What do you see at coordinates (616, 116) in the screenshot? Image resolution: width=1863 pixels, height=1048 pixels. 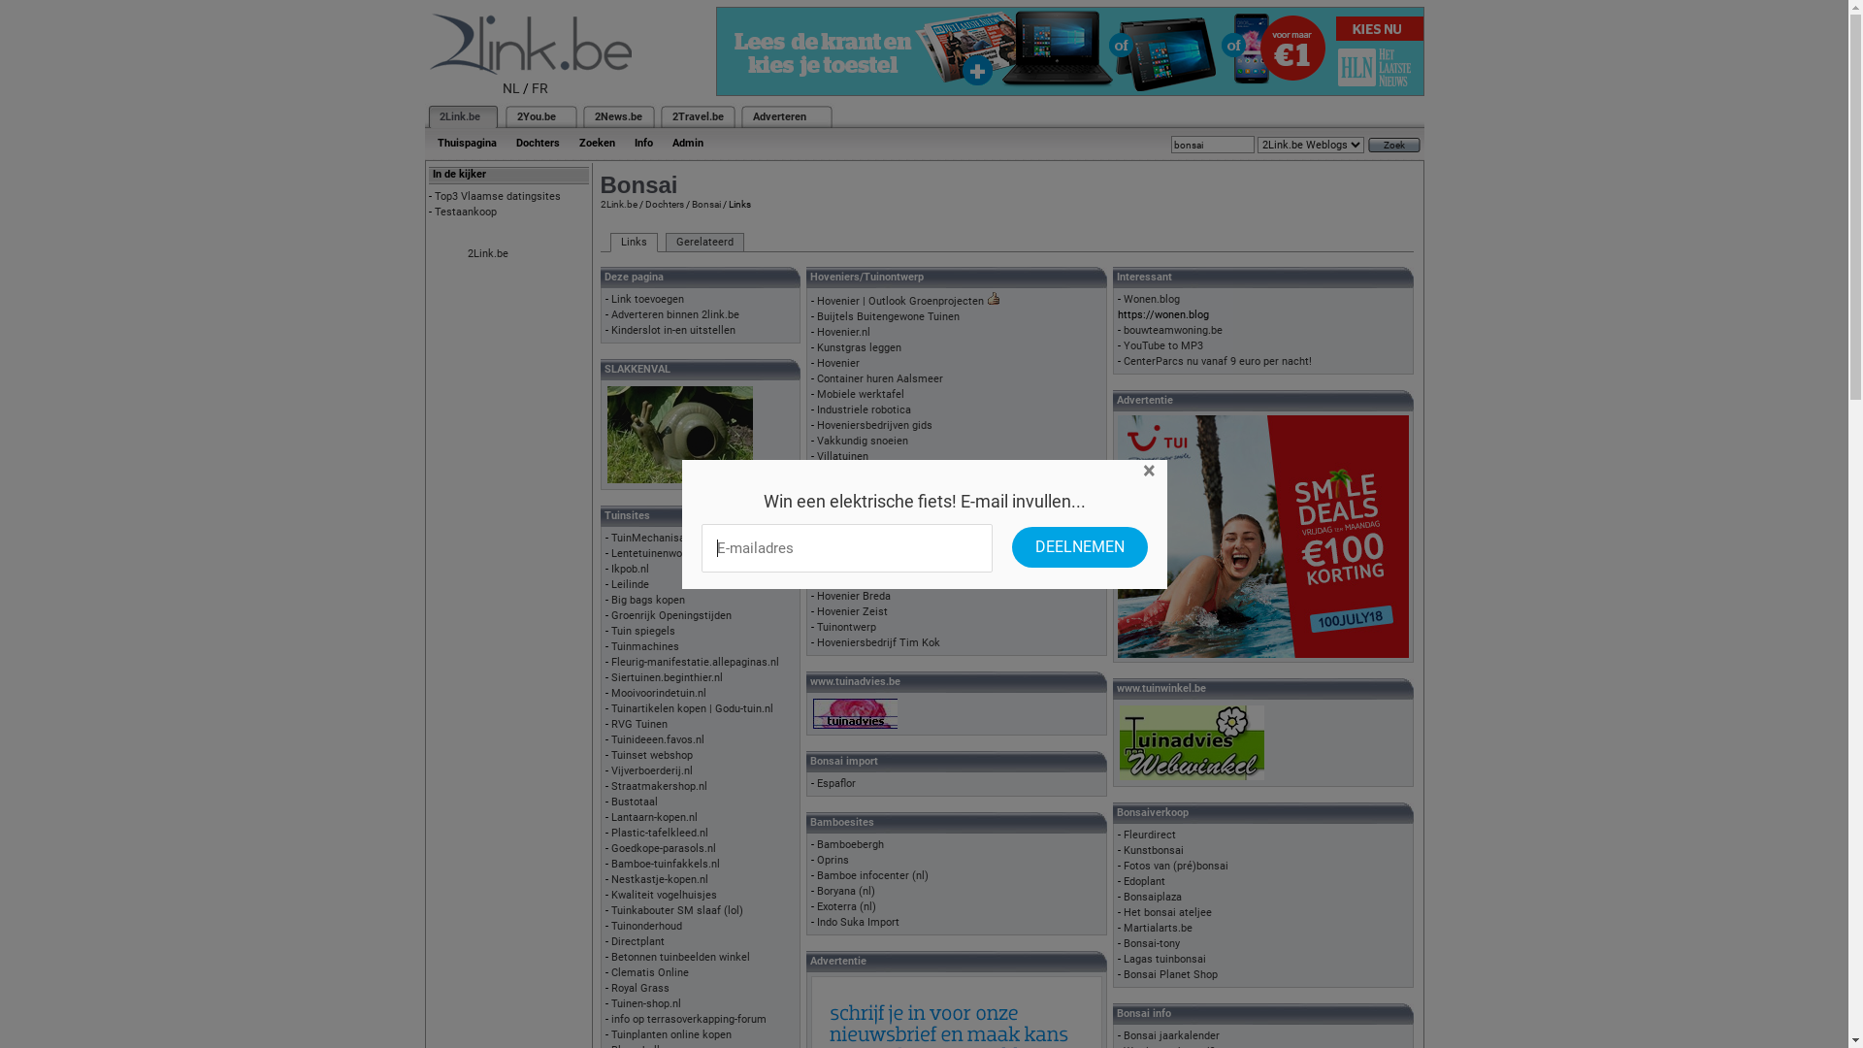 I see `'2News.be'` at bounding box center [616, 116].